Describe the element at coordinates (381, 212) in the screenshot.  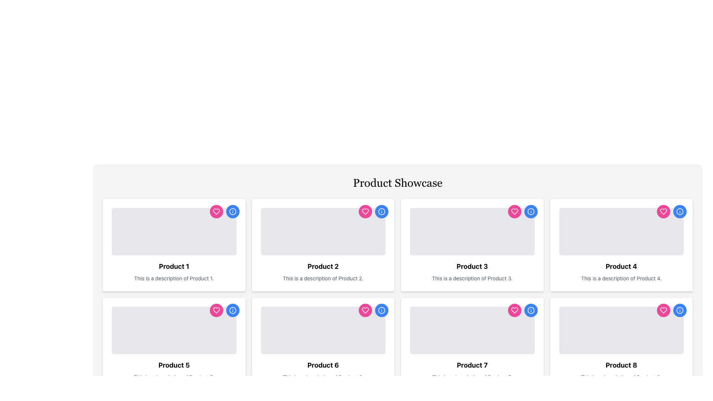
I see `the information icon located in the top-right corner of the second product card in the product showcase grid` at that location.